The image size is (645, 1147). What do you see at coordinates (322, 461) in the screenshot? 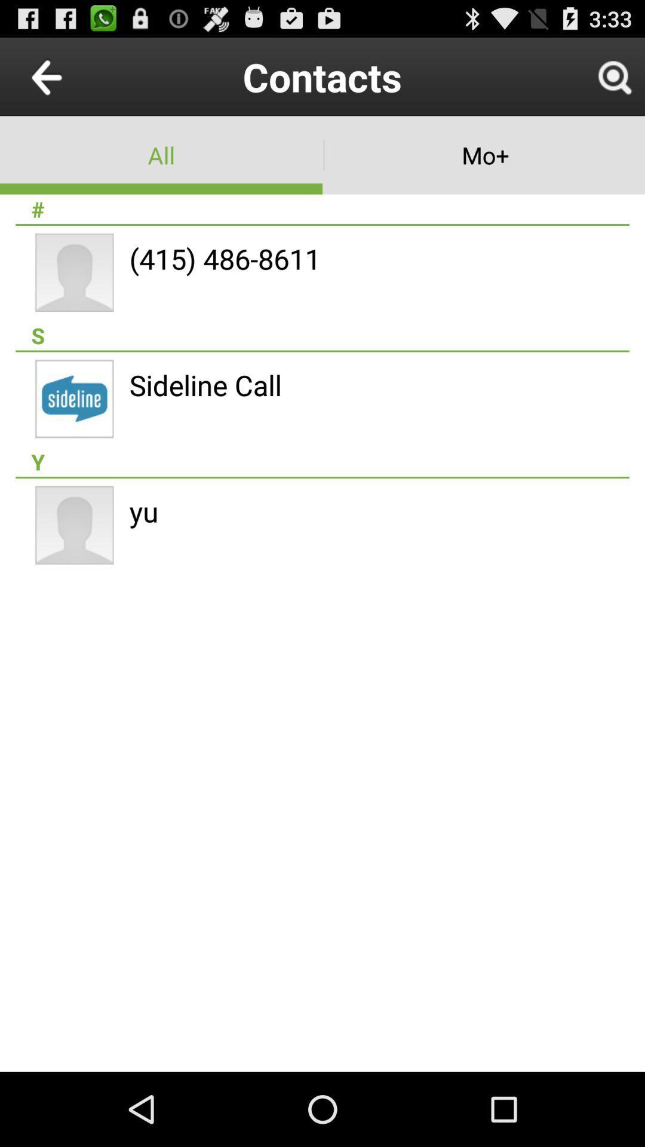
I see `y item` at bounding box center [322, 461].